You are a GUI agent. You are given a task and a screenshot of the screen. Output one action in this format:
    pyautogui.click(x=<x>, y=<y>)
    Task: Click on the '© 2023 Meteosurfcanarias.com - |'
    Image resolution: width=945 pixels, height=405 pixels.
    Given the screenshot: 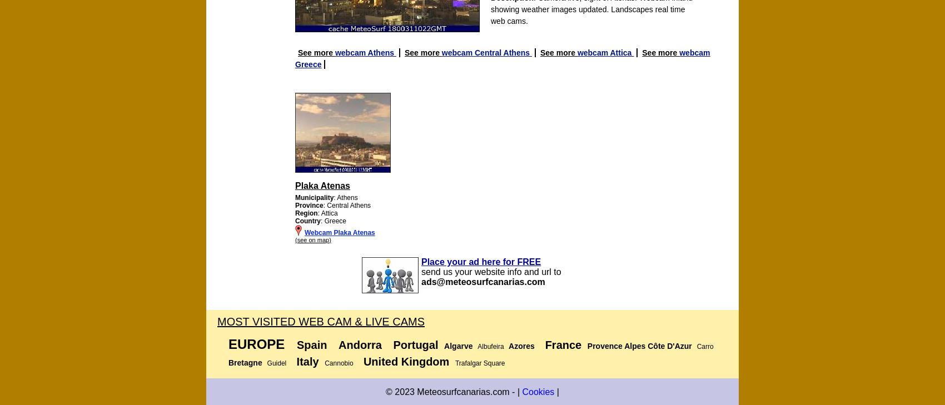 What is the action you would take?
    pyautogui.click(x=453, y=392)
    